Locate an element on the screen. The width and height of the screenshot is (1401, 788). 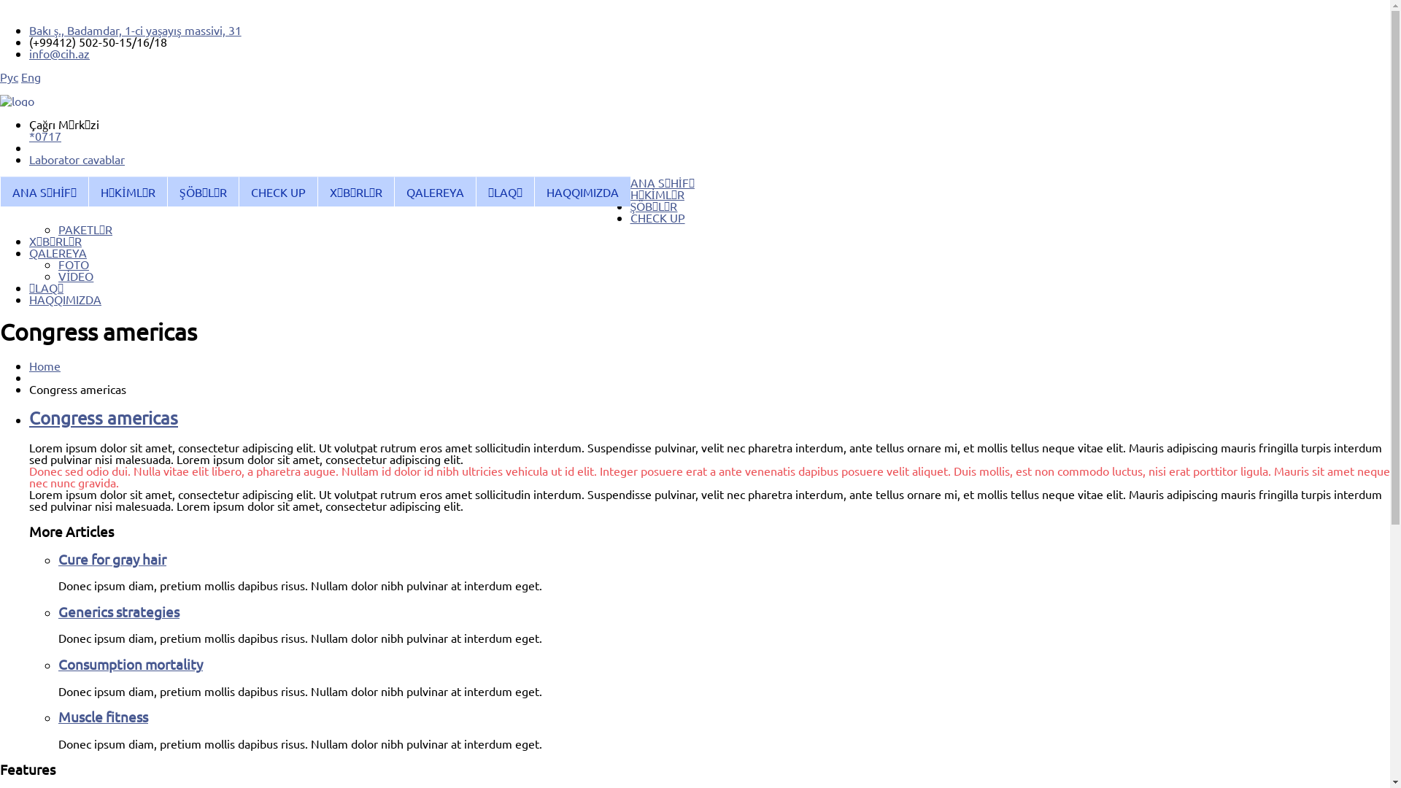
'CHECK UP' is located at coordinates (657, 217).